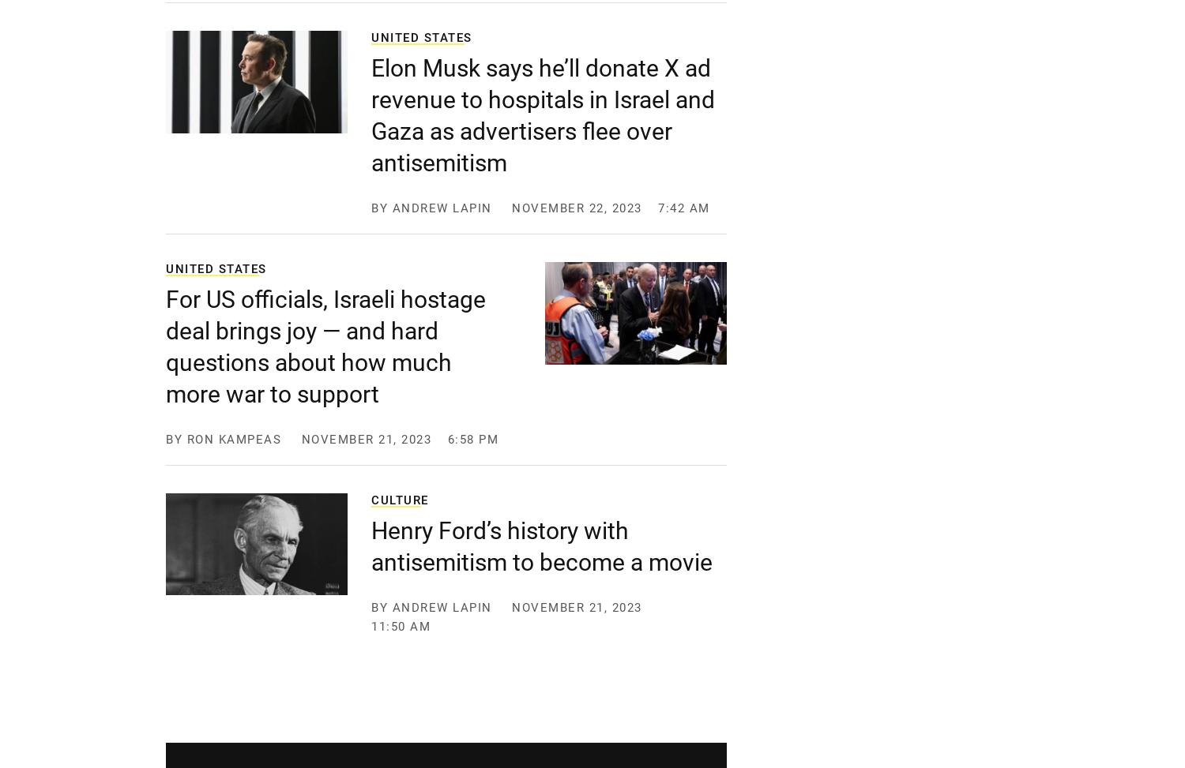 The width and height of the screenshot is (1185, 768). What do you see at coordinates (472, 440) in the screenshot?
I see `'6:58 pm'` at bounding box center [472, 440].